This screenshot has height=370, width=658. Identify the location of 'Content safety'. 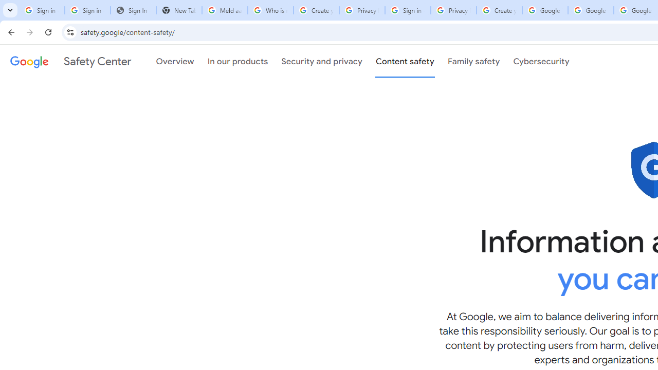
(404, 61).